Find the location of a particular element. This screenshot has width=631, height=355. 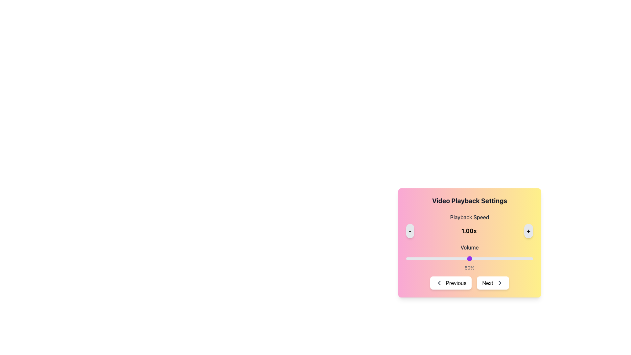

the rightward-pointing gray chevron icon located to the right of the 'Next' button at the bottom-right of the card is located at coordinates (500, 282).